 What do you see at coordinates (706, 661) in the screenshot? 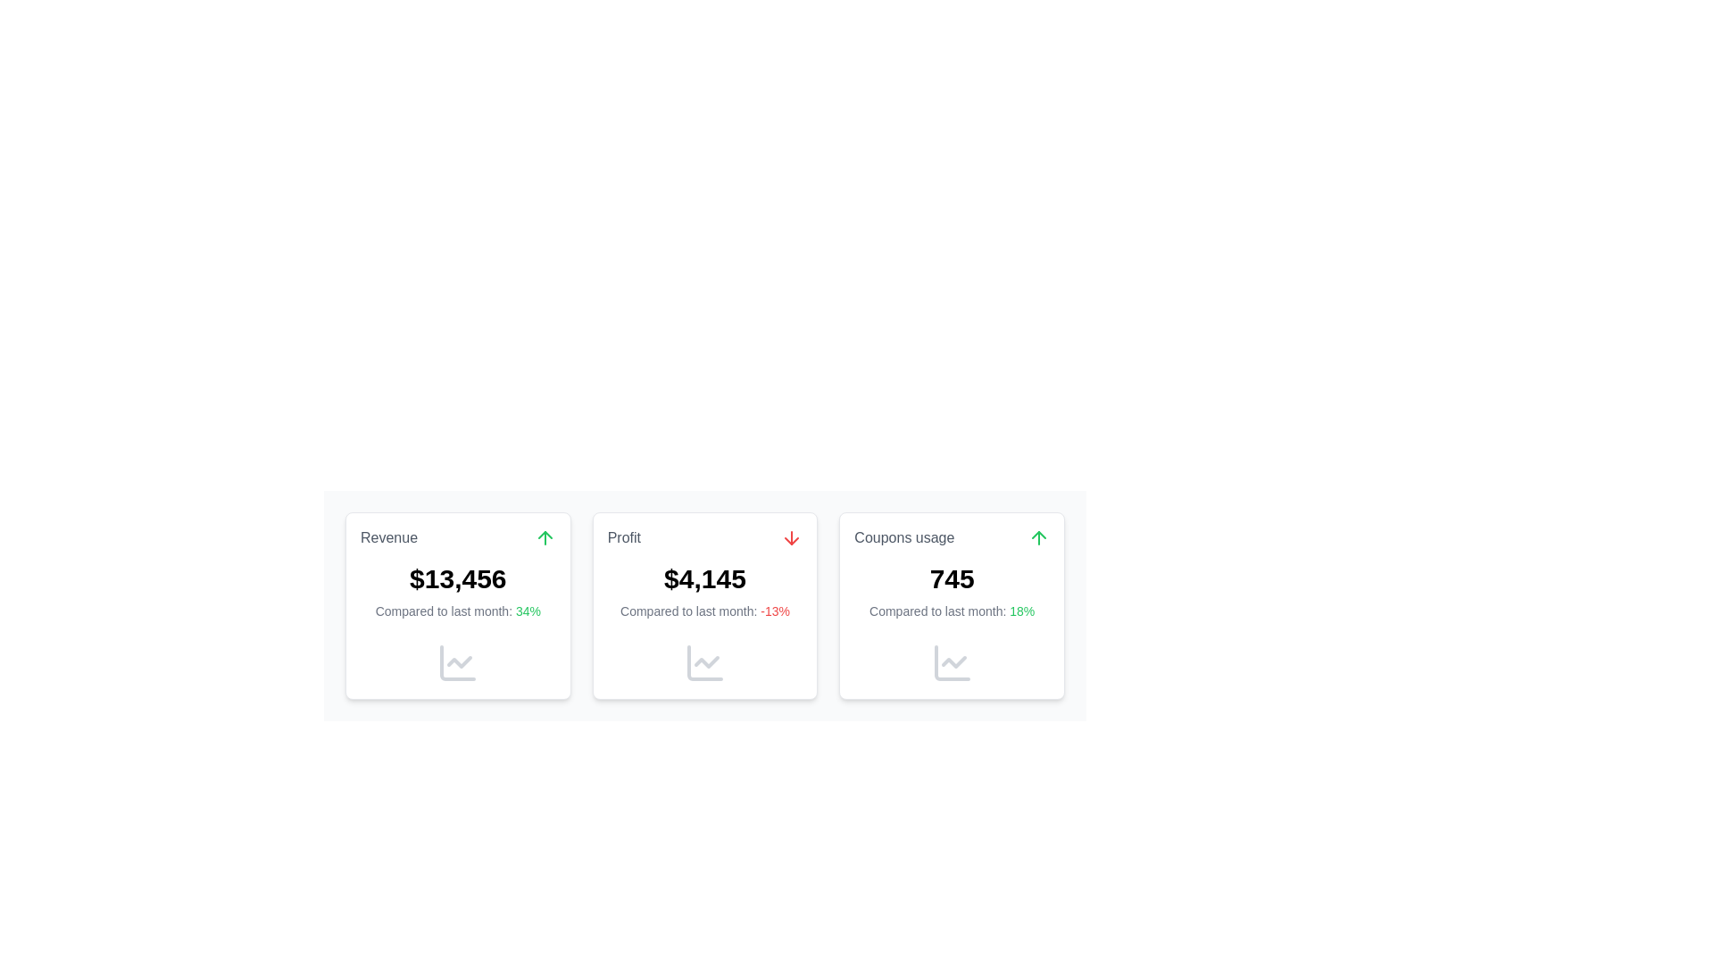
I see `the graphical indicator located at the bottom of the second card in a set of three horizontally aligned cards, which provides a visual cue for trends or comparisons` at bounding box center [706, 661].